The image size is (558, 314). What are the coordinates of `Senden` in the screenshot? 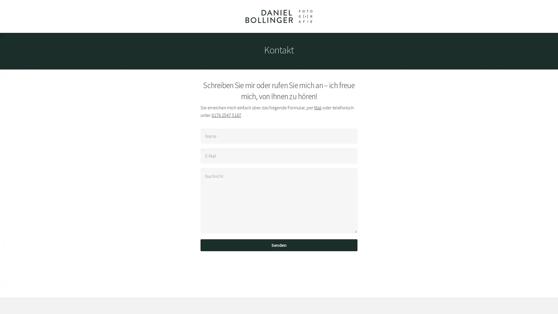 It's located at (279, 245).